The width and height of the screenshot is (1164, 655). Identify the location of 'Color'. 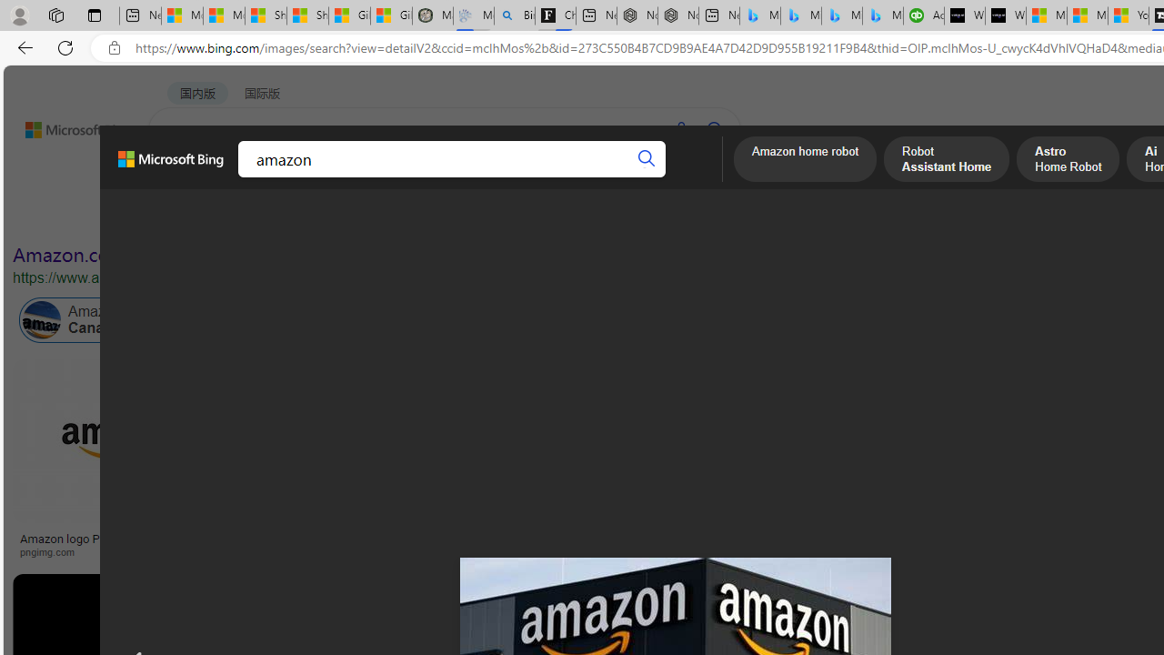
(276, 215).